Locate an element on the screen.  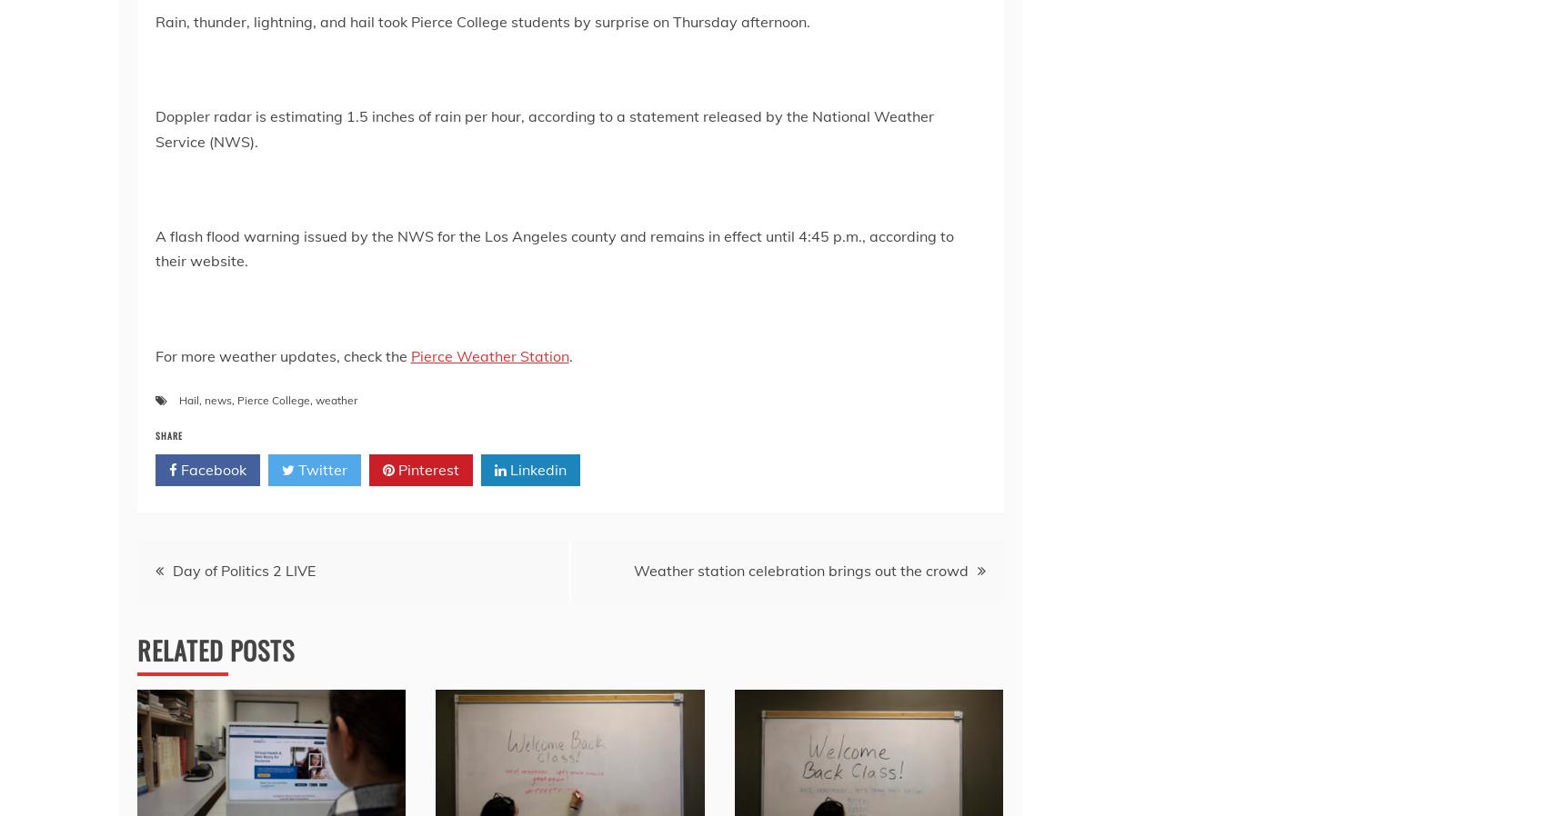
'Pierce Weather Station' is located at coordinates (489, 354).